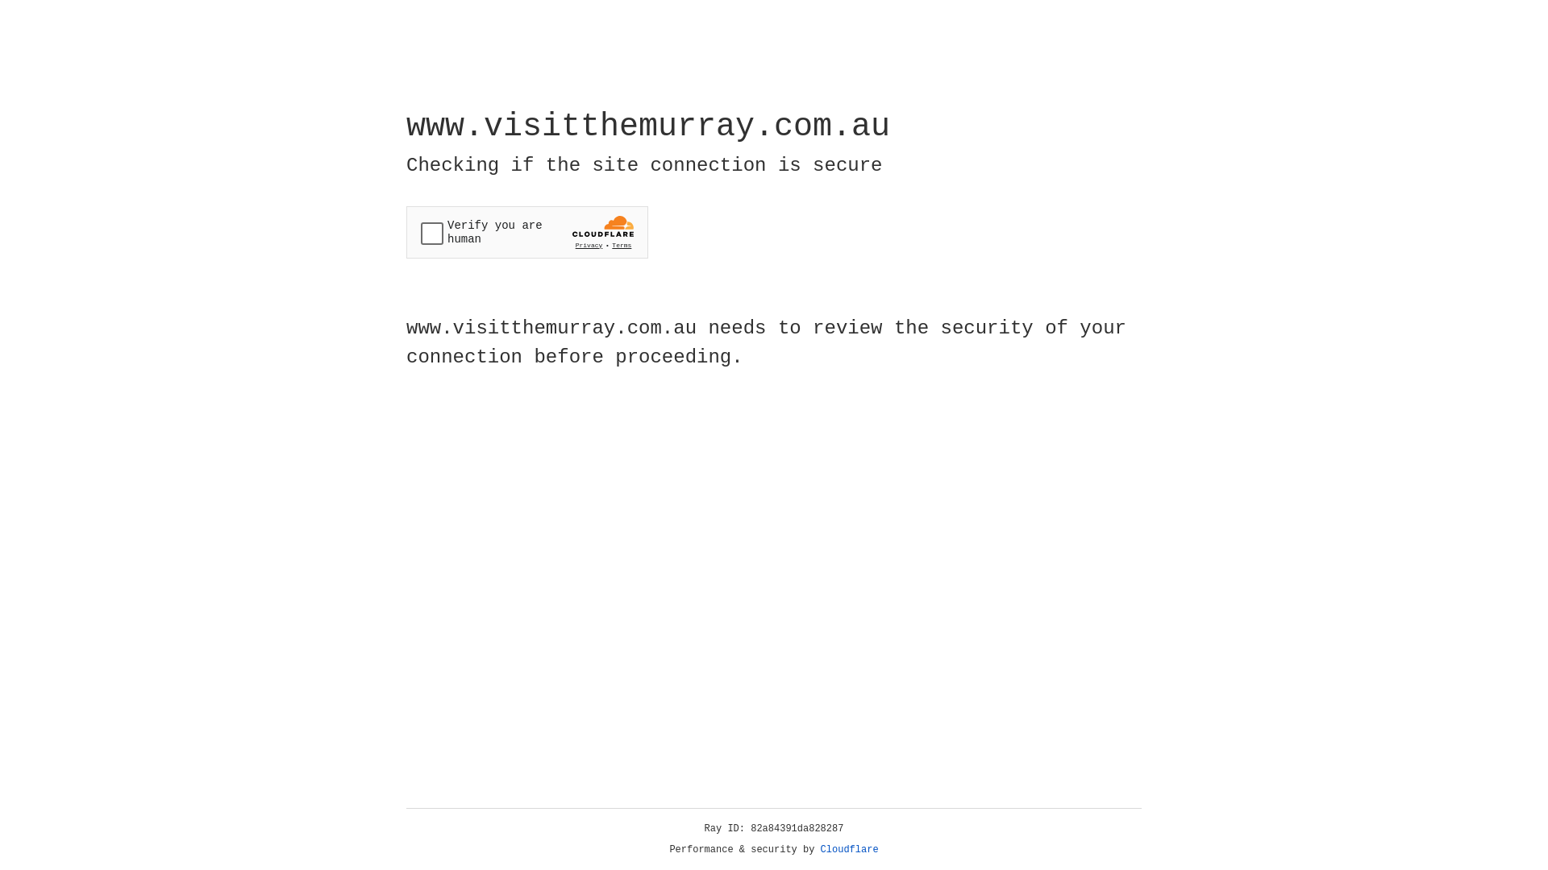  I want to click on 'Cloudflare', so click(820, 849).